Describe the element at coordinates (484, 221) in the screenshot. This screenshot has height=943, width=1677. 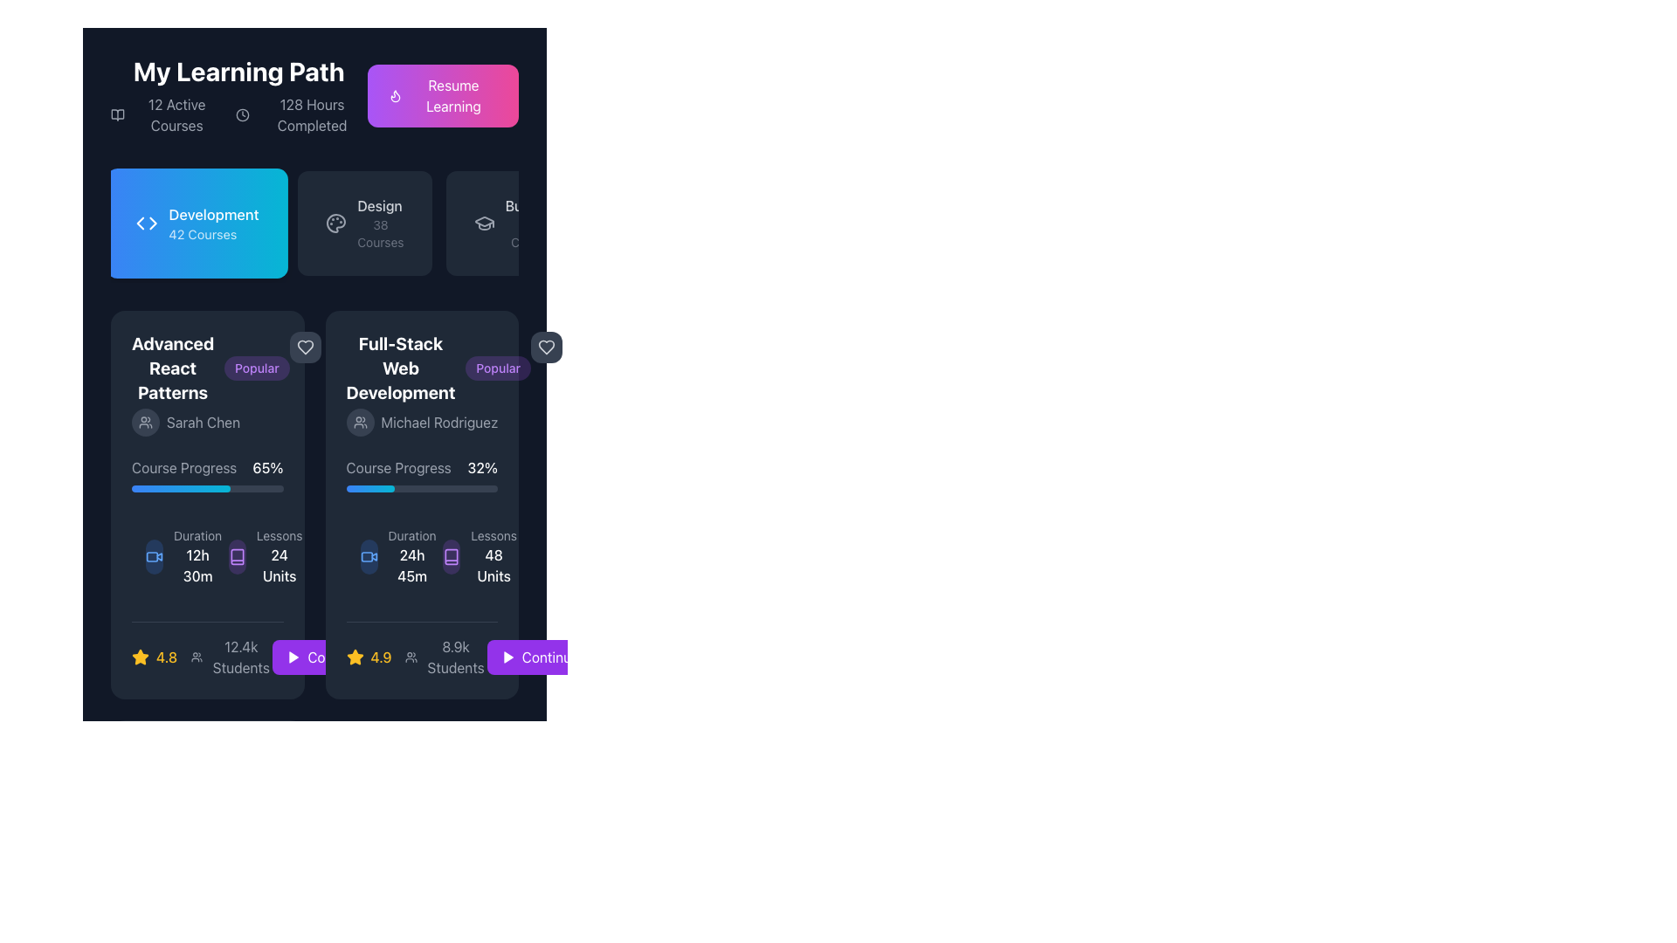
I see `the 'Design' category icon` at that location.